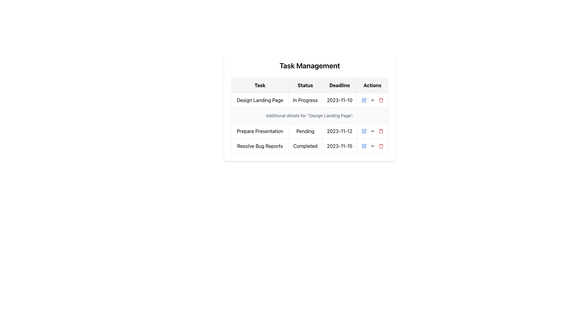  I want to click on the body of the trash can icon within the SVG illustration in the 'Actions' column of the task 'Prepare Presentation' to initiate the delete action, so click(381, 131).